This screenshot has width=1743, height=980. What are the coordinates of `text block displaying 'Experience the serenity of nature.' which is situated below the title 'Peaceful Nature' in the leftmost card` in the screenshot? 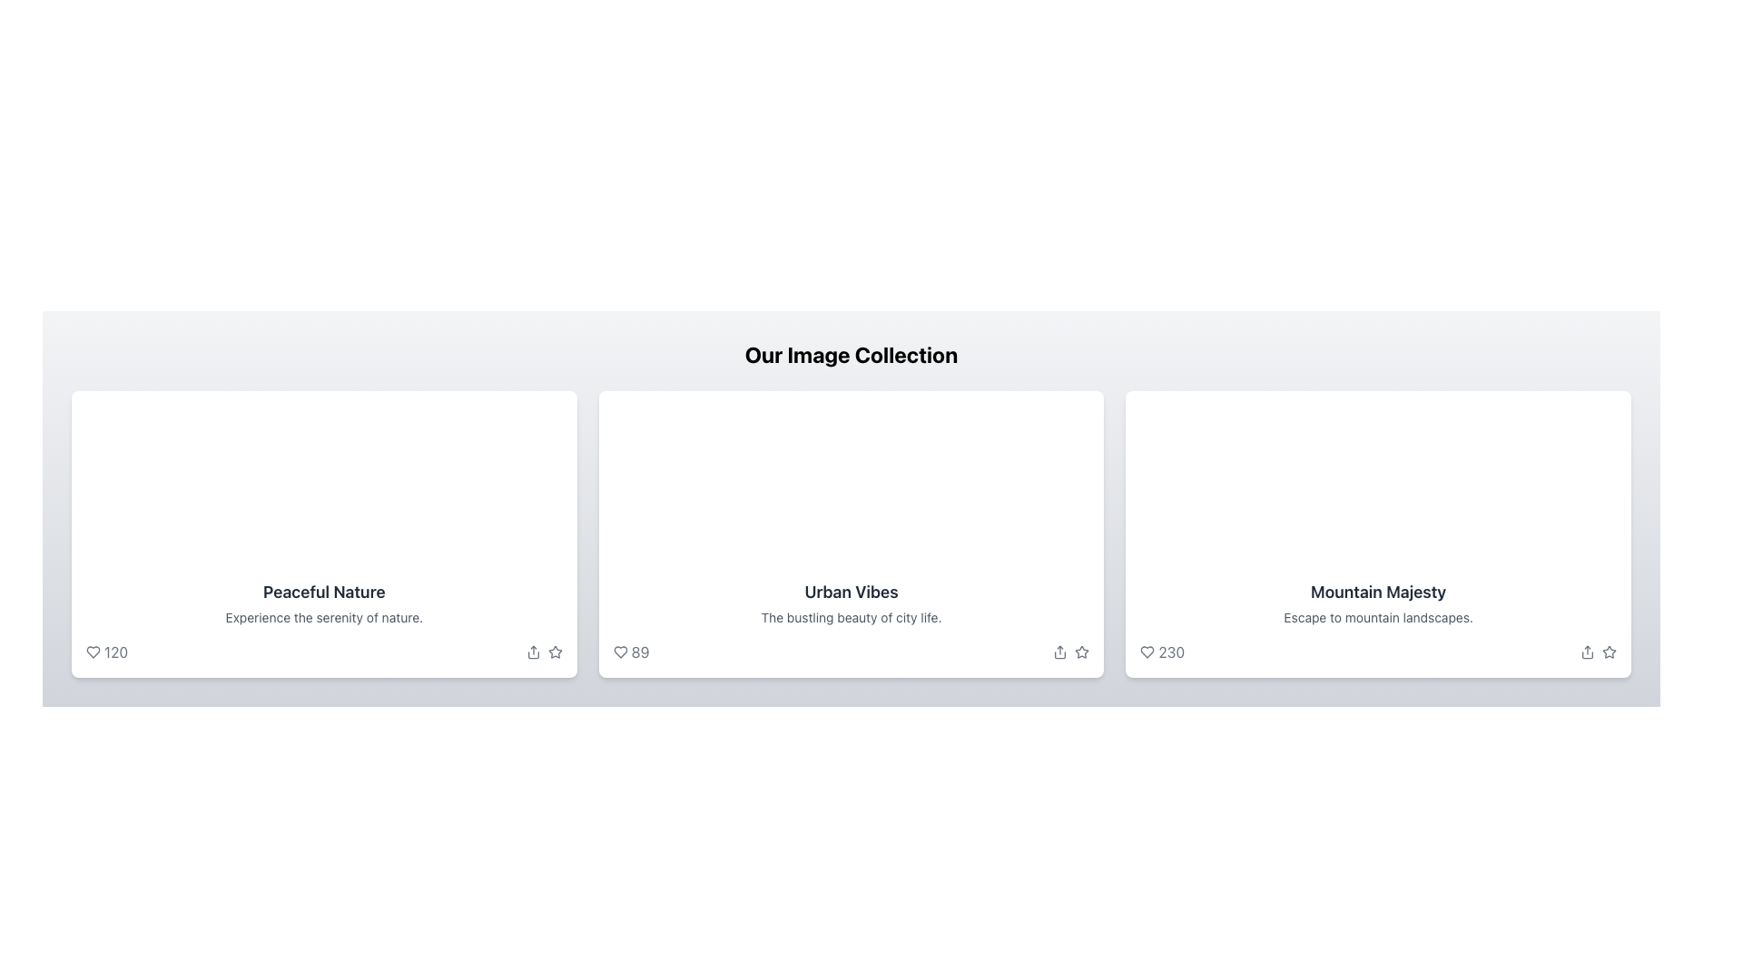 It's located at (324, 617).